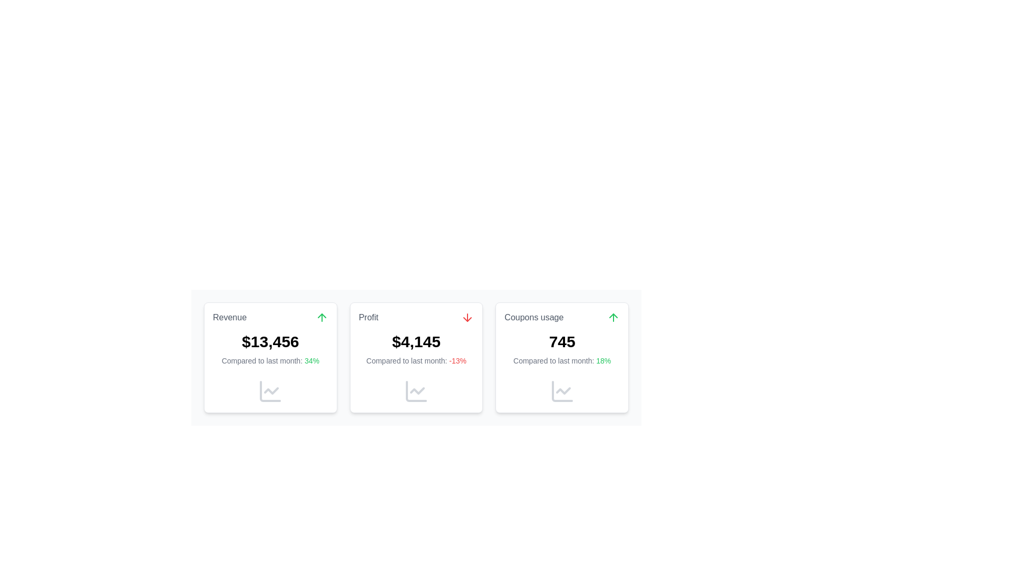  Describe the element at coordinates (561, 357) in the screenshot. I see `displayed information from the Informative card summarizing data about coupon usage, located in the third column after the 'Revenue' and 'Profit' cards` at that location.